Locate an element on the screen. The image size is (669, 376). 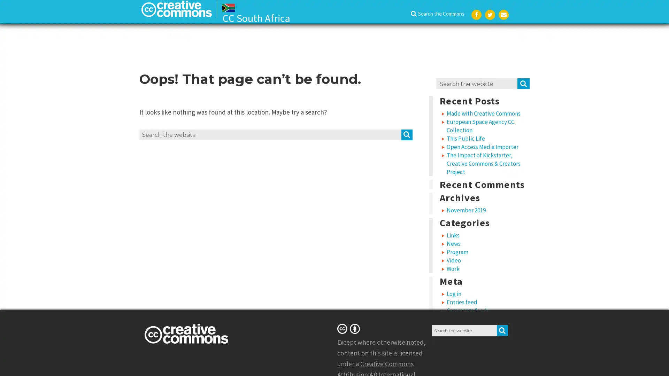
SEARCH is located at coordinates (407, 134).